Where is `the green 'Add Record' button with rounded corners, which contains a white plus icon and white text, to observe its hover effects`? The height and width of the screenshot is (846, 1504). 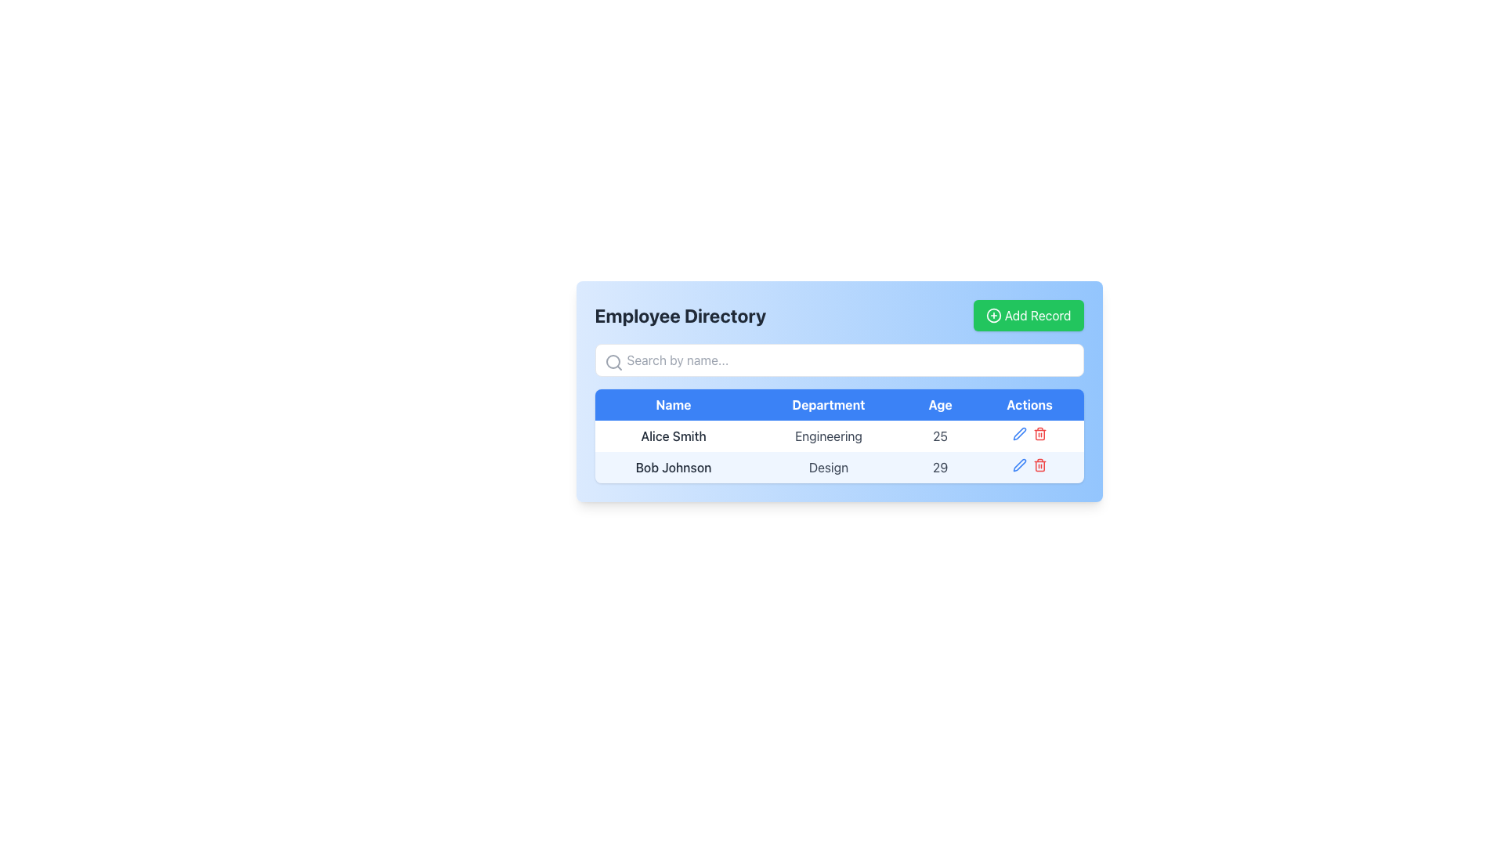 the green 'Add Record' button with rounded corners, which contains a white plus icon and white text, to observe its hover effects is located at coordinates (1029, 315).